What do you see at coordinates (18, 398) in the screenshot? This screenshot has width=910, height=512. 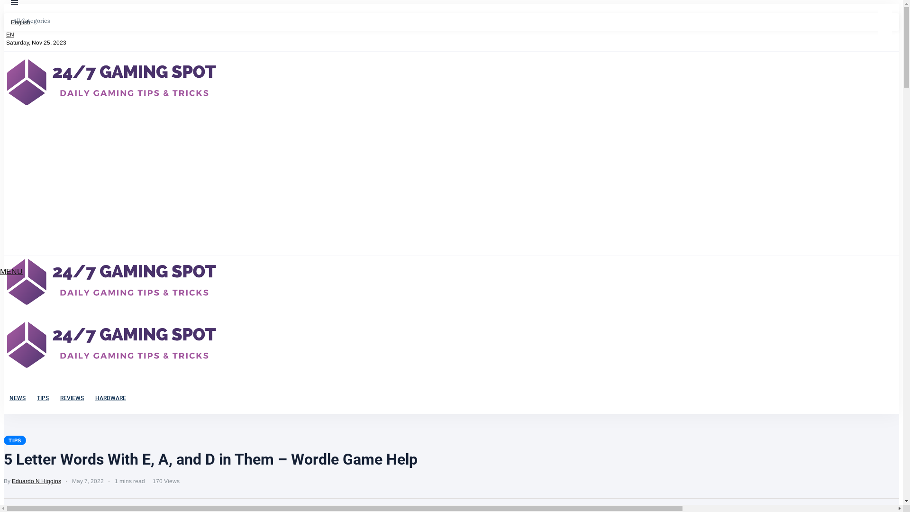 I see `'NEWS'` at bounding box center [18, 398].